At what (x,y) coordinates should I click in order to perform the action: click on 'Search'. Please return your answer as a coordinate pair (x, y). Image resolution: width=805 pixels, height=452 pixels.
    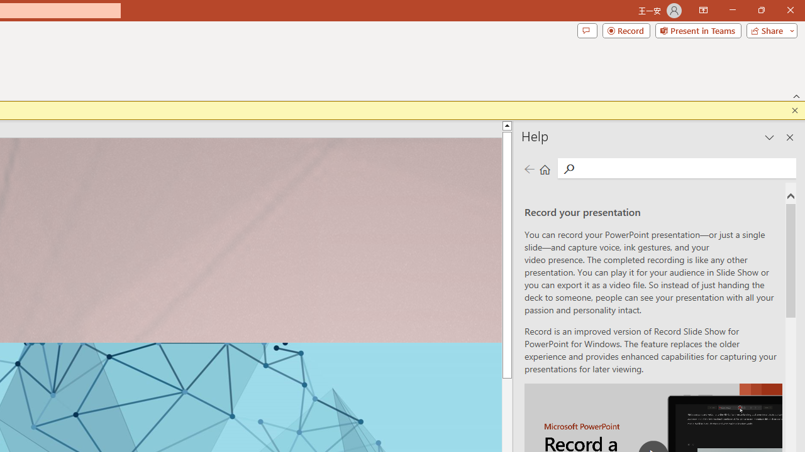
    Looking at the image, I should click on (684, 168).